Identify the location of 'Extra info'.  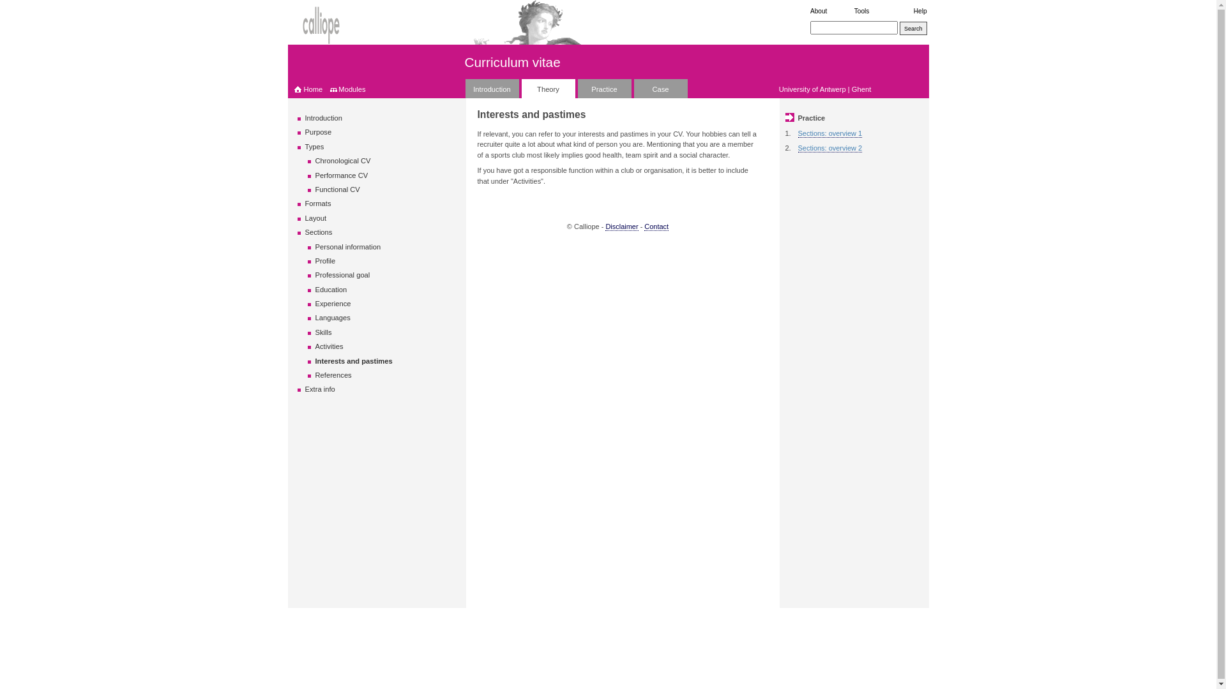
(320, 388).